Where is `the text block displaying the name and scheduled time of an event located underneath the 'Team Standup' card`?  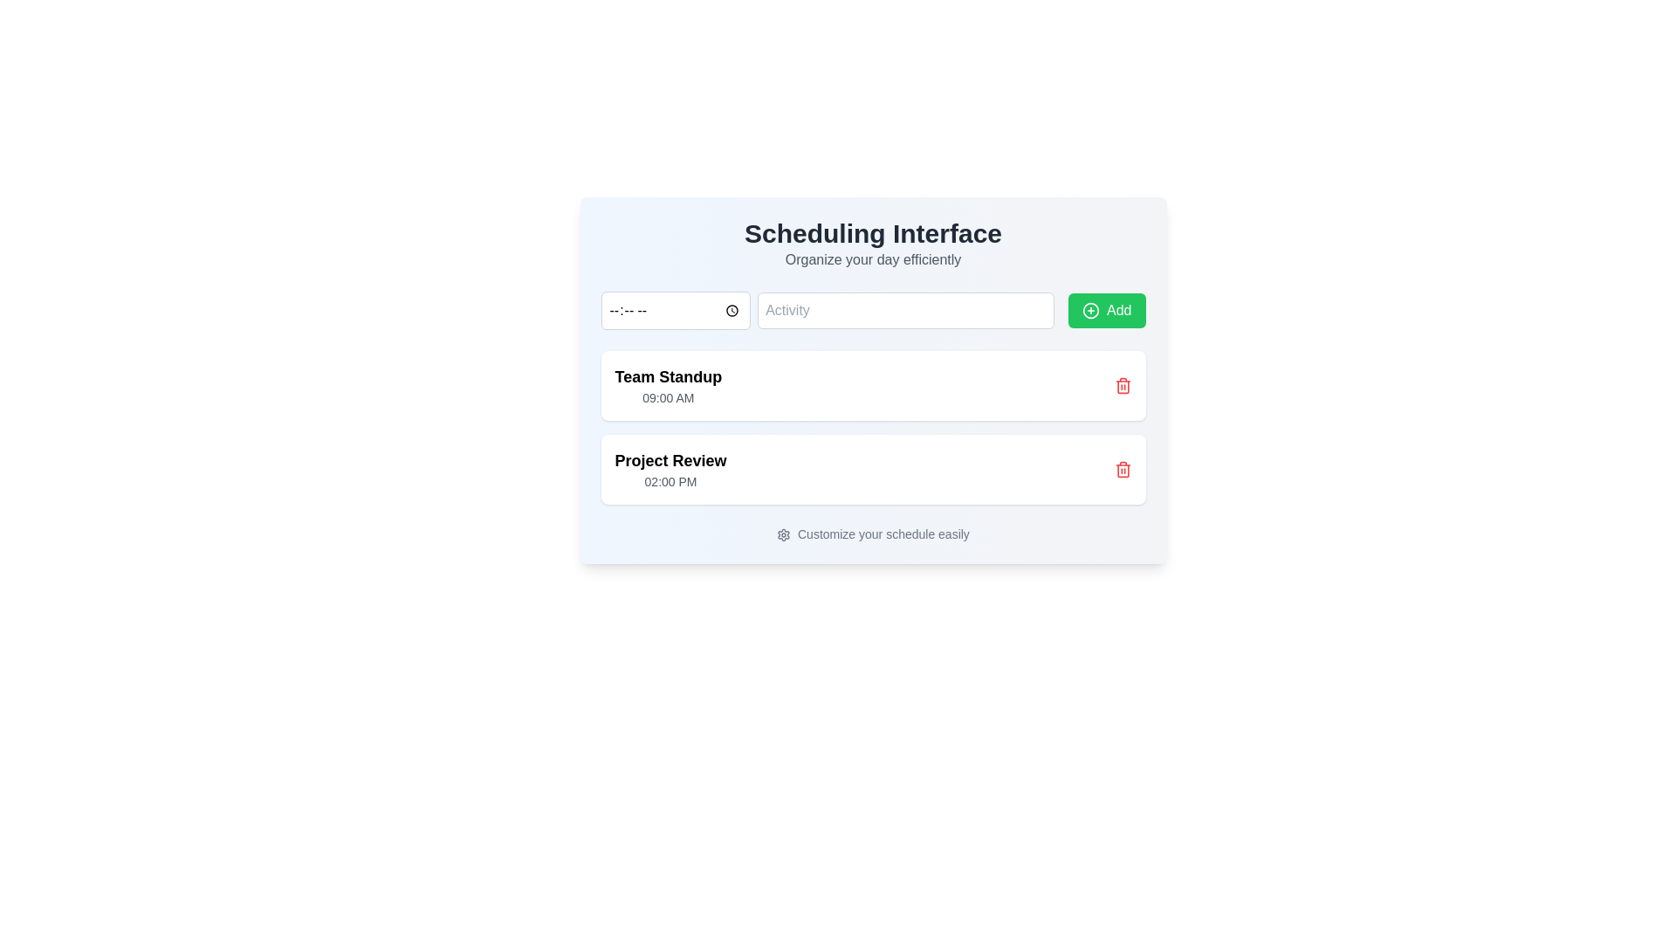
the text block displaying the name and scheduled time of an event located underneath the 'Team Standup' card is located at coordinates (670, 468).